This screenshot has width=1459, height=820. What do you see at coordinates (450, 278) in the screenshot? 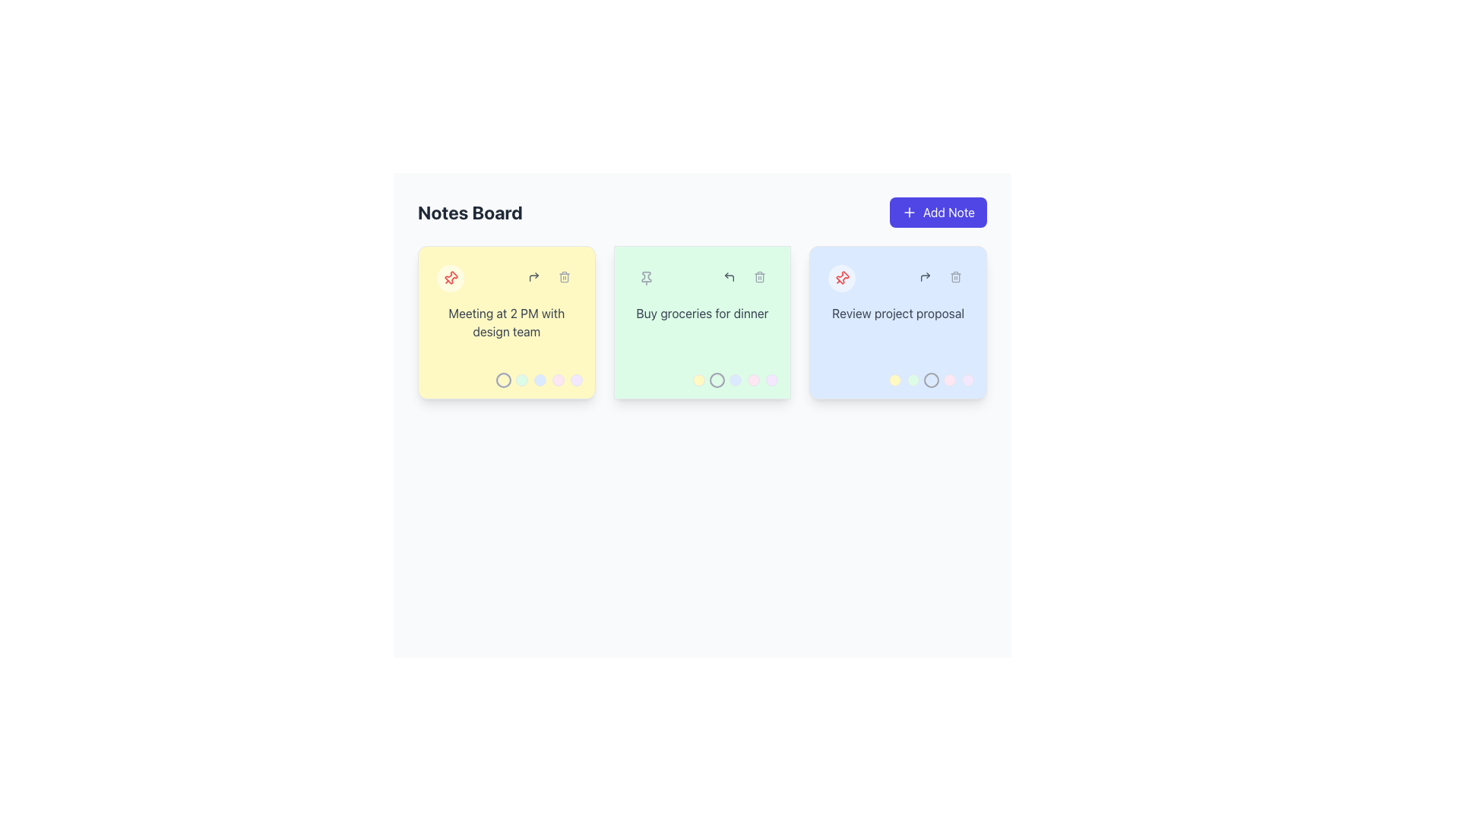
I see `the red-colored pin icon button located in the top-left corner of the first note widget to pin or unpin the note` at bounding box center [450, 278].